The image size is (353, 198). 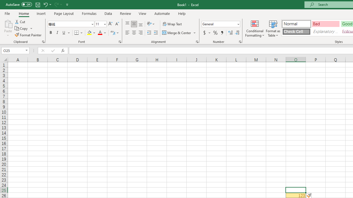 What do you see at coordinates (67, 4) in the screenshot?
I see `'Customize Quick Access Toolbar'` at bounding box center [67, 4].